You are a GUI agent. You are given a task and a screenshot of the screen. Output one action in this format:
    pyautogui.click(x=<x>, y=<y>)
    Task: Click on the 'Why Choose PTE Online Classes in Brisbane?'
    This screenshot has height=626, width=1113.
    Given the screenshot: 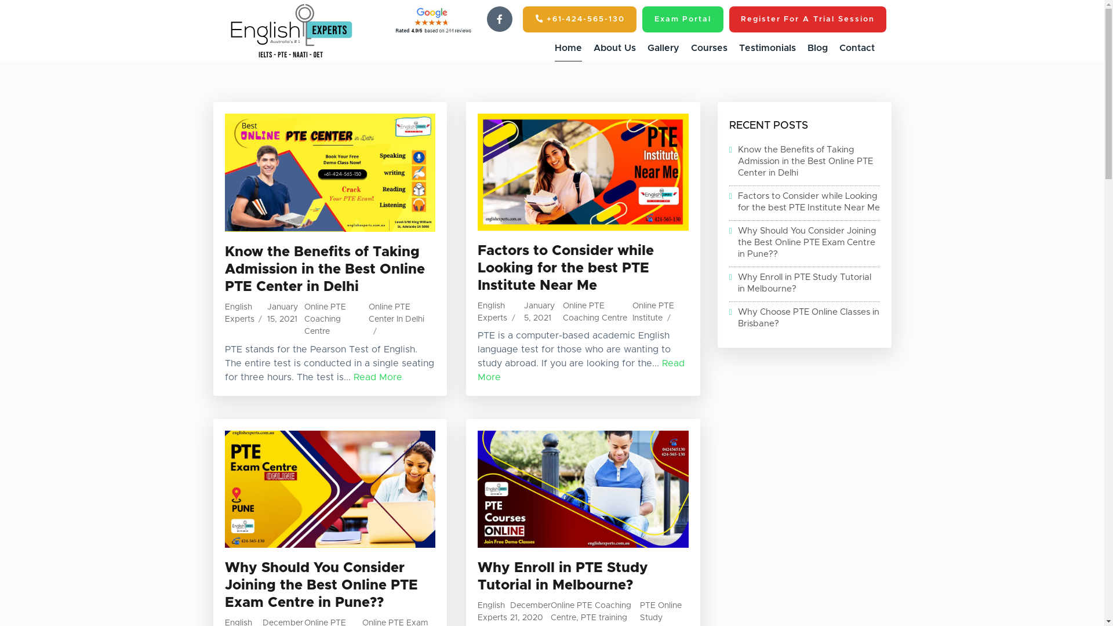 What is the action you would take?
    pyautogui.click(x=803, y=318)
    